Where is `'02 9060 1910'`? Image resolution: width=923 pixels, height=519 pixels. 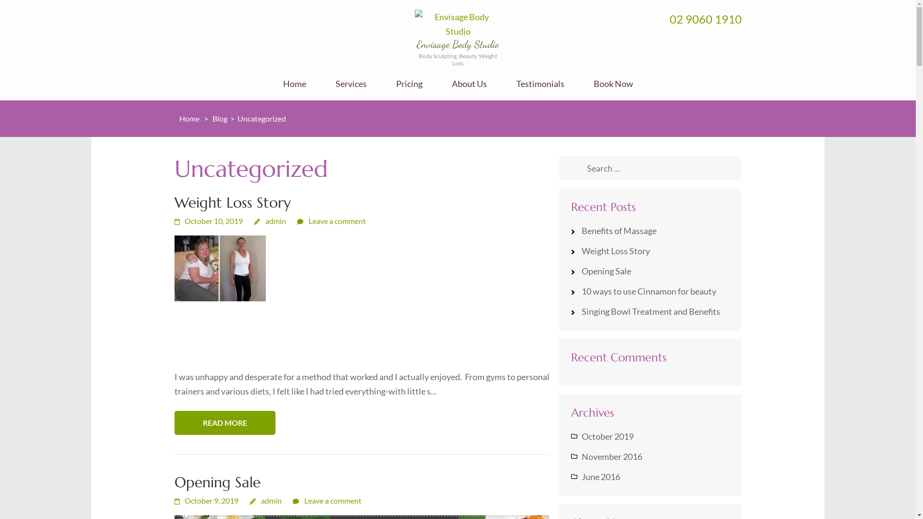 '02 9060 1910' is located at coordinates (705, 19).